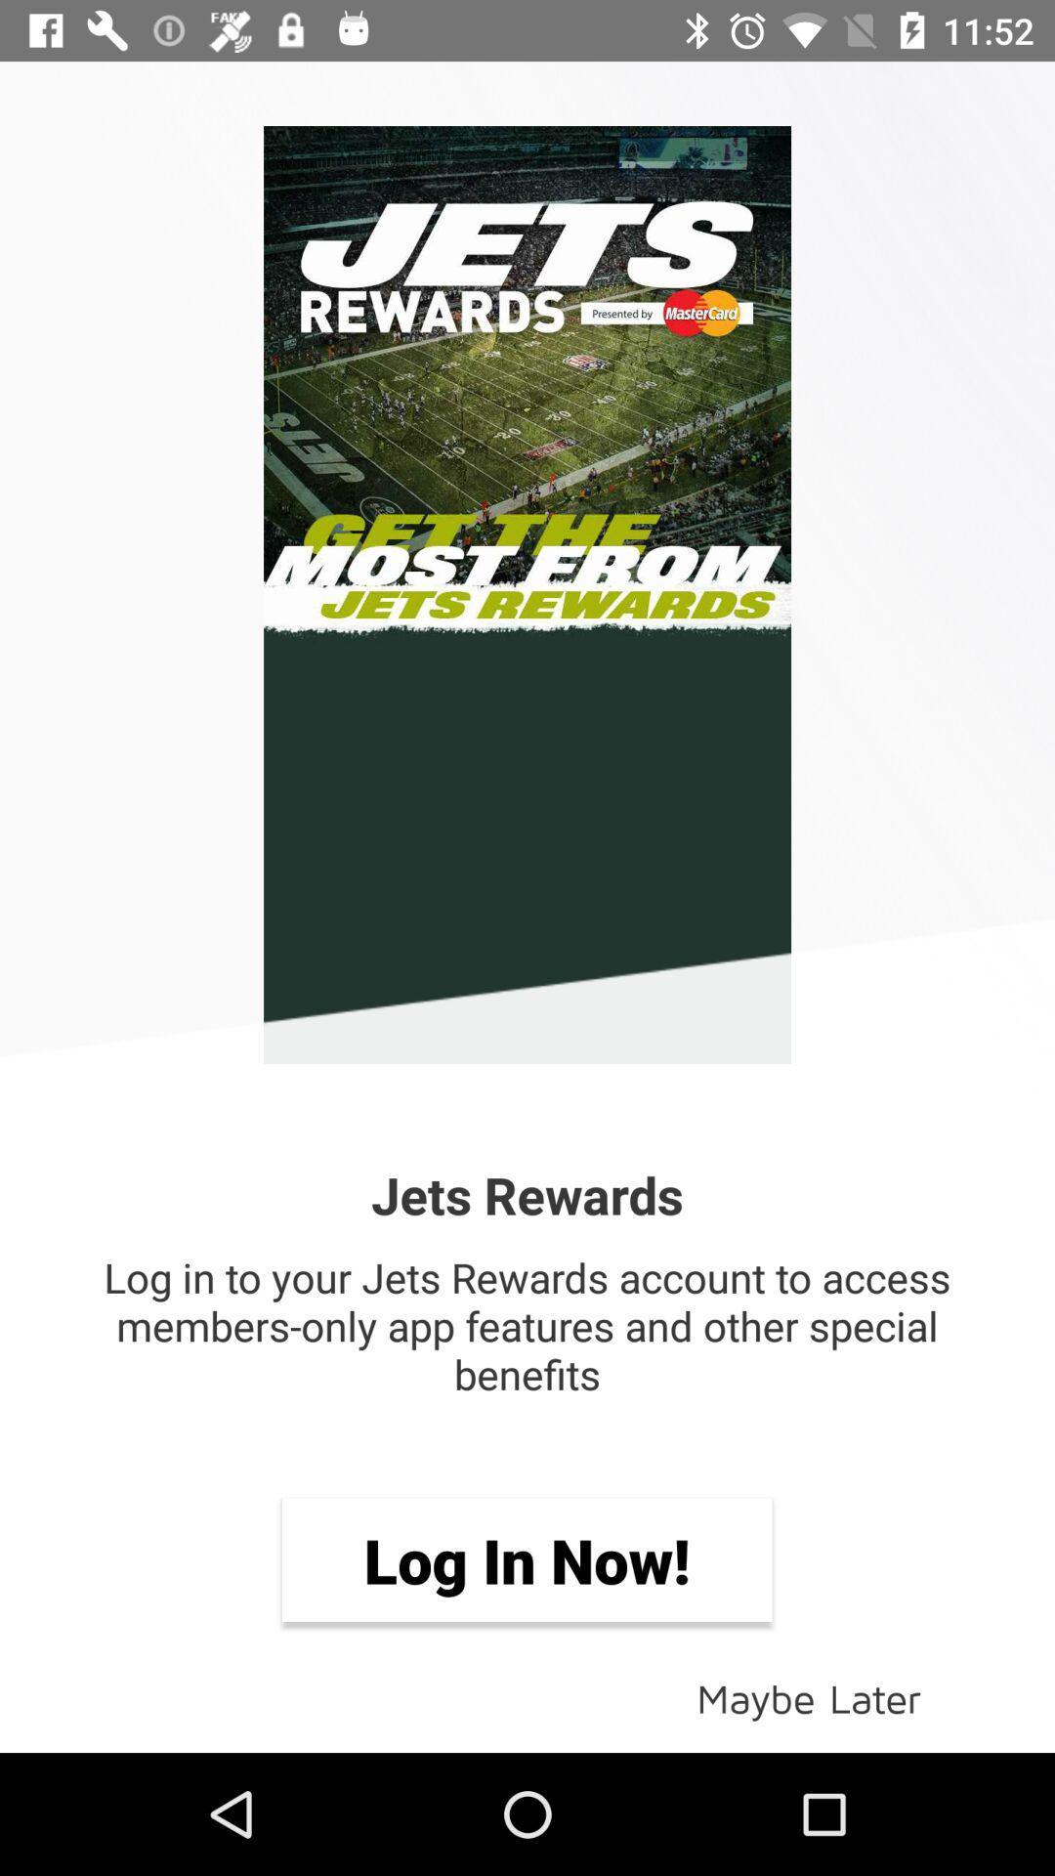 This screenshot has height=1876, width=1055. I want to click on maybe later icon, so click(809, 1696).